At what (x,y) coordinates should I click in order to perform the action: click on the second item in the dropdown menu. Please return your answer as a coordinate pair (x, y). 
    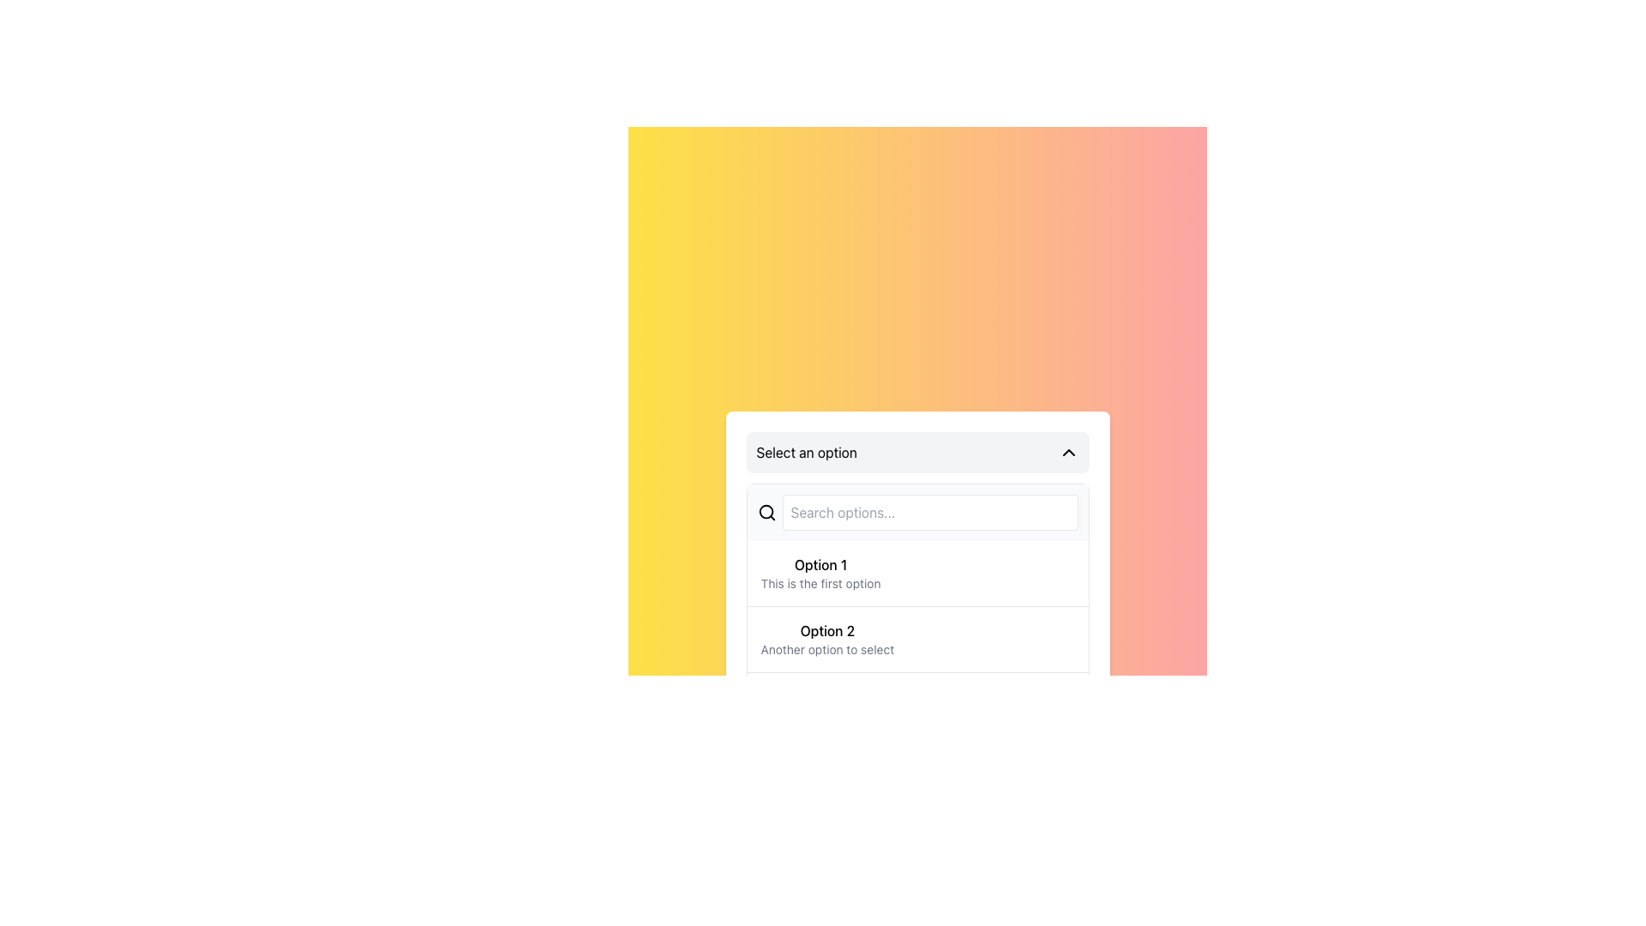
    Looking at the image, I should click on (916, 644).